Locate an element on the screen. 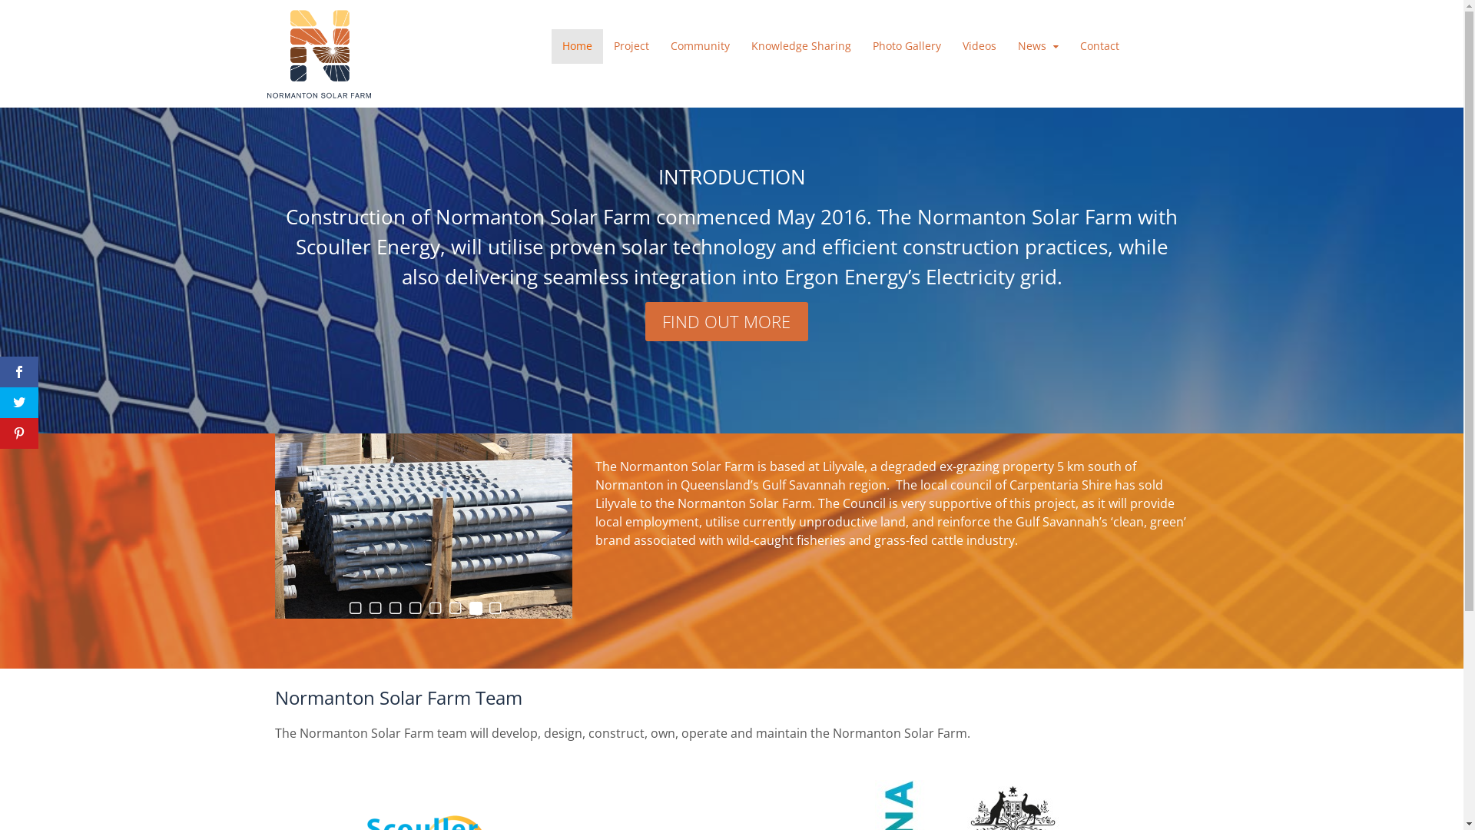  'Videos' is located at coordinates (950, 45).